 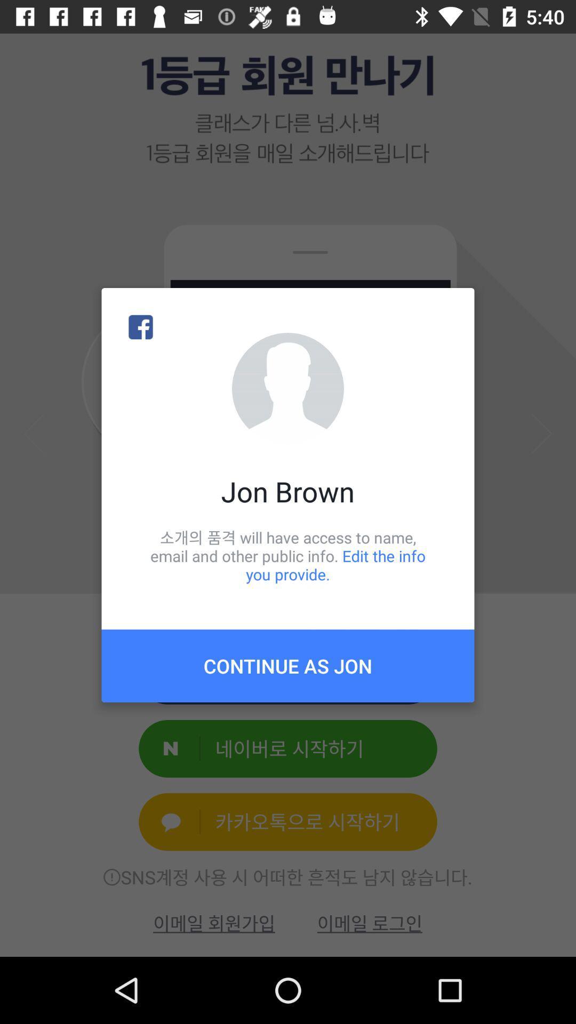 I want to click on the item above the continue as jon icon, so click(x=288, y=555).